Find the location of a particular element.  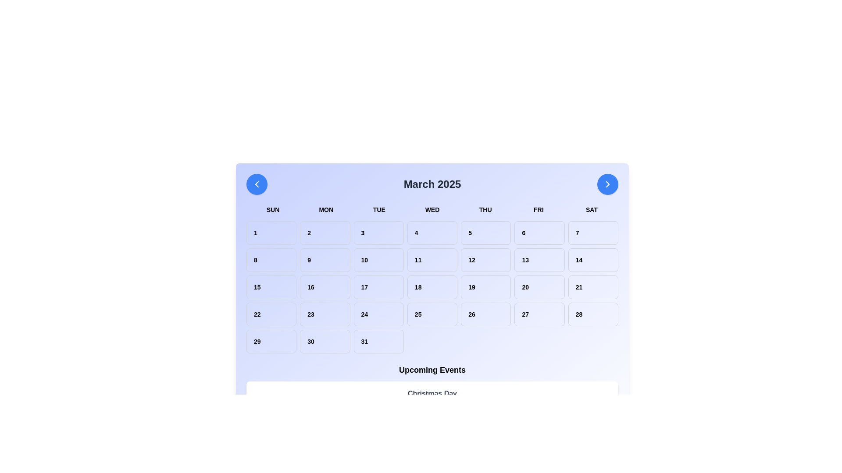

text label for the day 'Monday', which is the second item in a row of seven representing the days of the week in a calendar view, positioned between 'Sun' and 'Tue' is located at coordinates (325, 209).